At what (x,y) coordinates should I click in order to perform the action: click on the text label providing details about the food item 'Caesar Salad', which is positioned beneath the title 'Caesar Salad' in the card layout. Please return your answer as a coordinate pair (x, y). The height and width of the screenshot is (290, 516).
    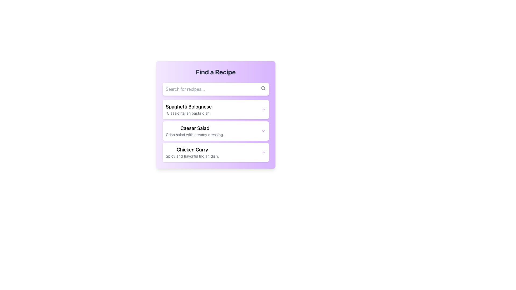
    Looking at the image, I should click on (195, 134).